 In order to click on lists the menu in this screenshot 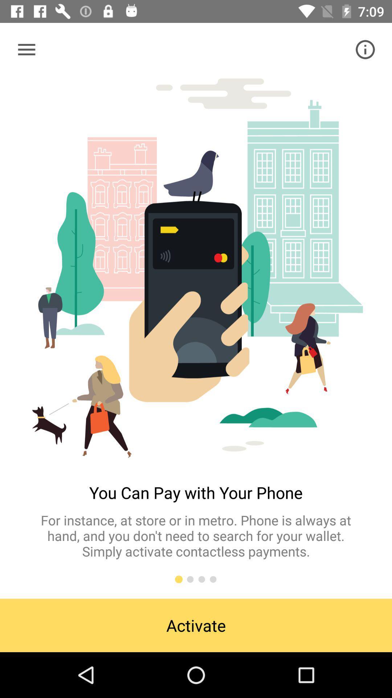, I will do `click(26, 49)`.